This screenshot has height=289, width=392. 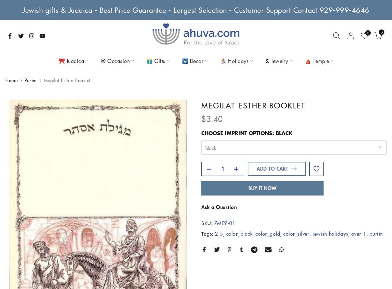 What do you see at coordinates (185, 131) in the screenshot?
I see `'Kiddush Cups'` at bounding box center [185, 131].